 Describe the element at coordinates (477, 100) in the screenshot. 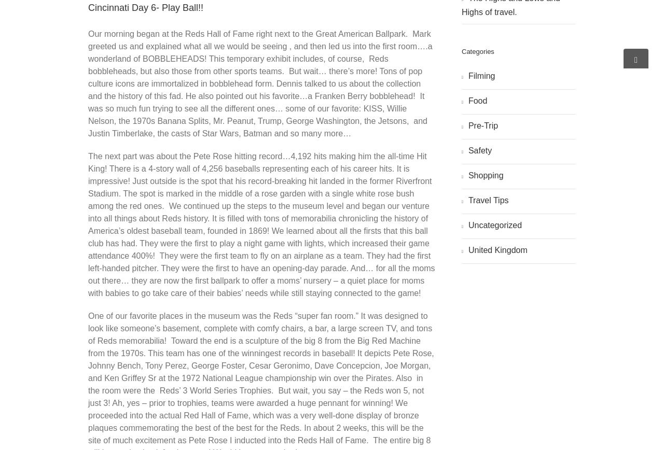

I see `'Food'` at that location.